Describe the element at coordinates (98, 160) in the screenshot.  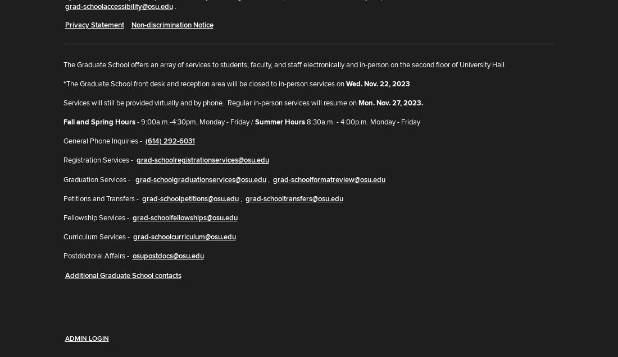
I see `'Registration Services -'` at that location.